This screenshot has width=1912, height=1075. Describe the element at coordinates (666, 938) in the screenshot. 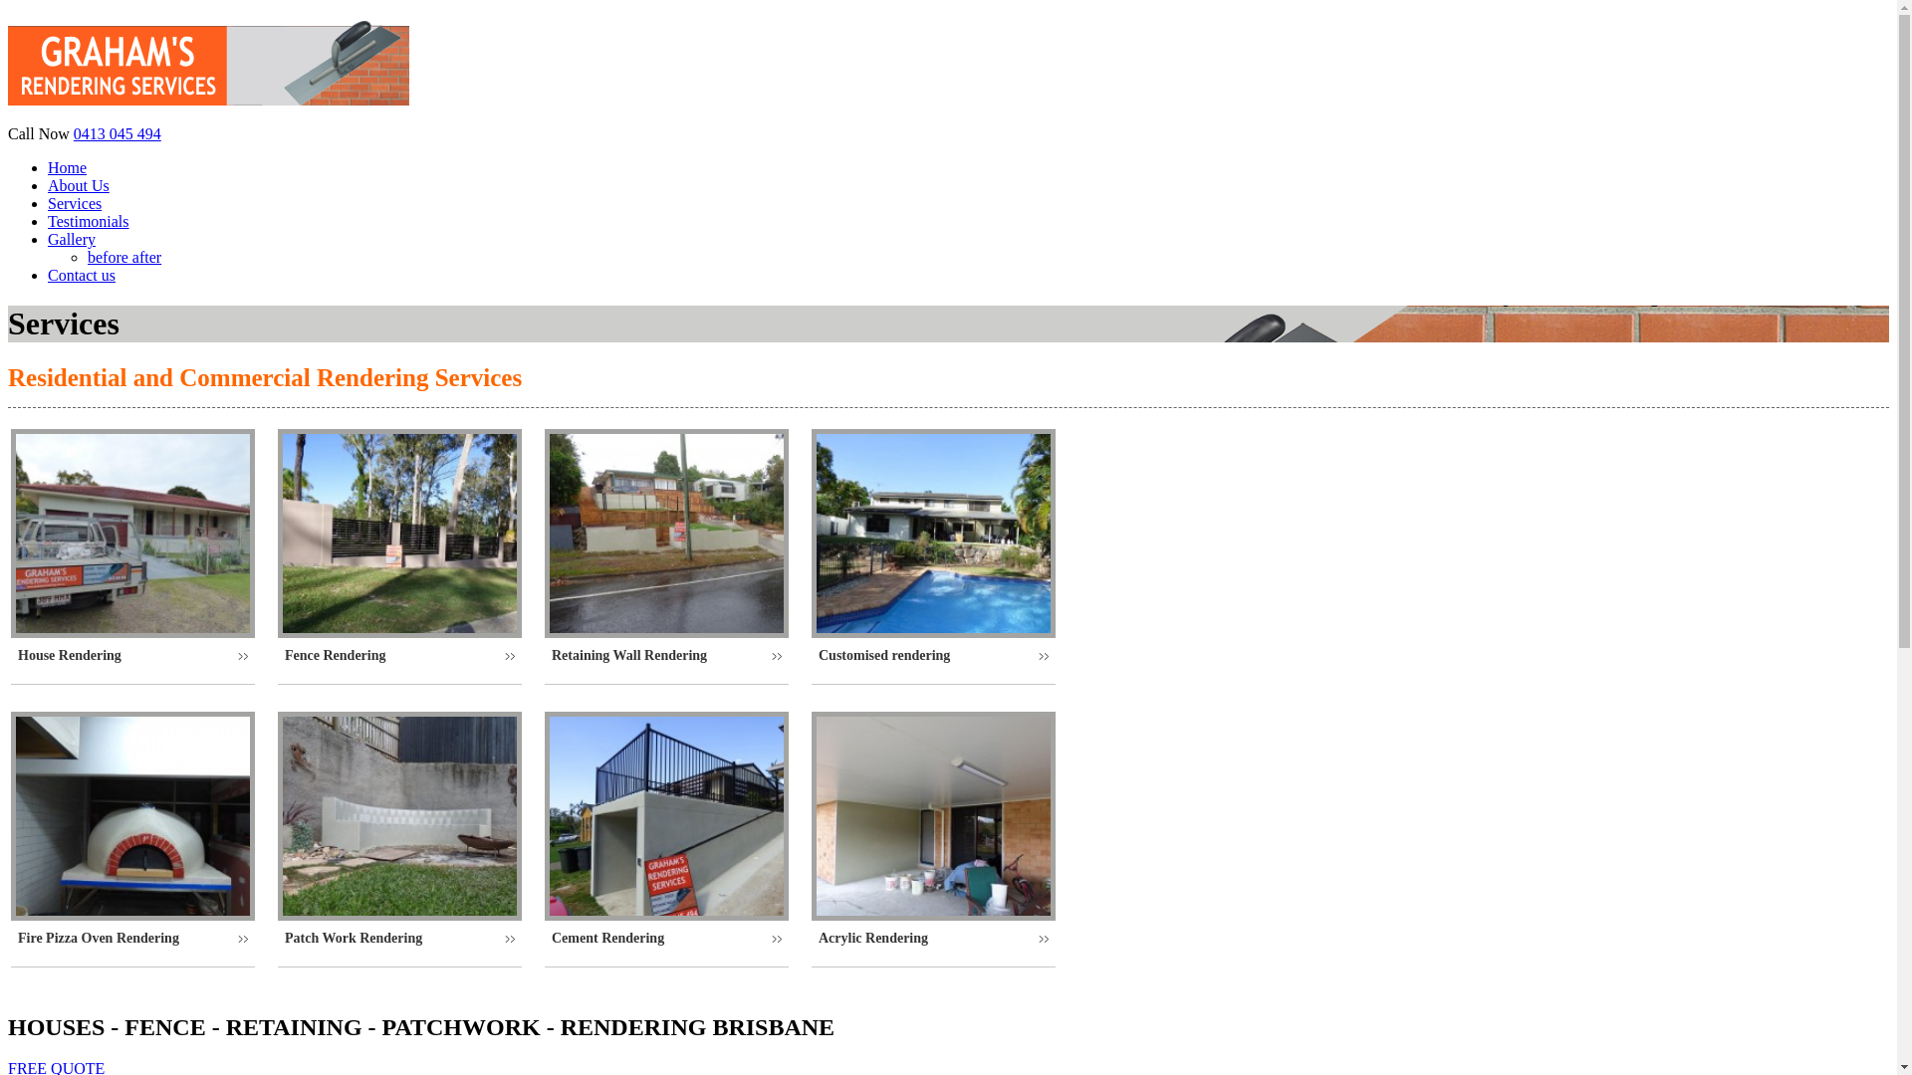

I see `'Cement Rendering'` at that location.